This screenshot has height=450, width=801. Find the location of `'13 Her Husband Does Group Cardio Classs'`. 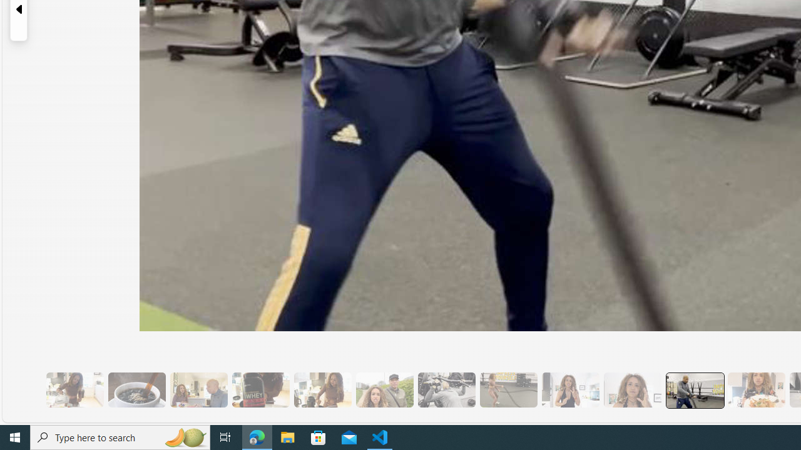

'13 Her Husband Does Group Cardio Classs' is located at coordinates (693, 389).